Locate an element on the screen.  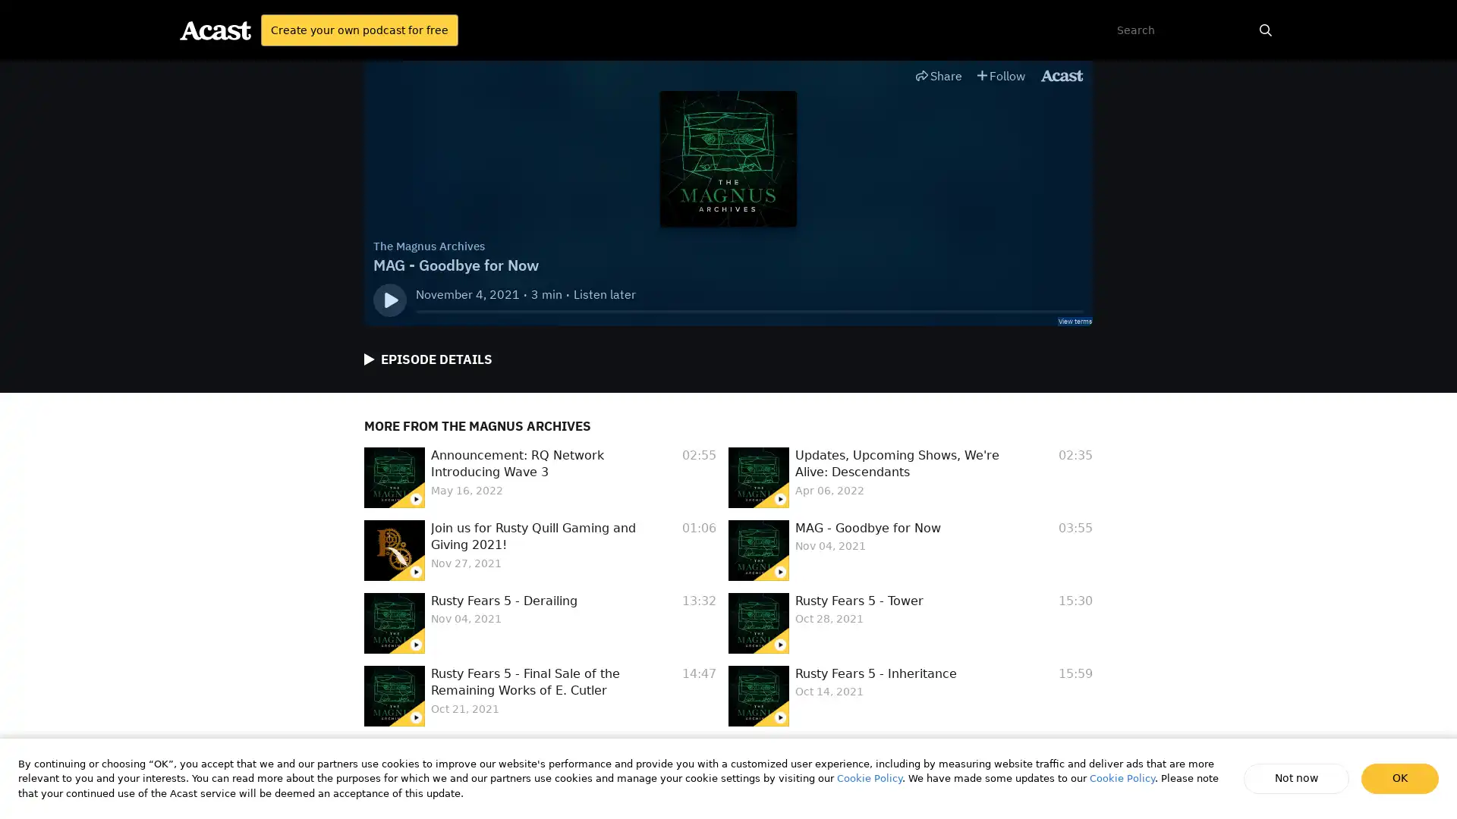
EPISODE DETAILS is located at coordinates (427, 359).